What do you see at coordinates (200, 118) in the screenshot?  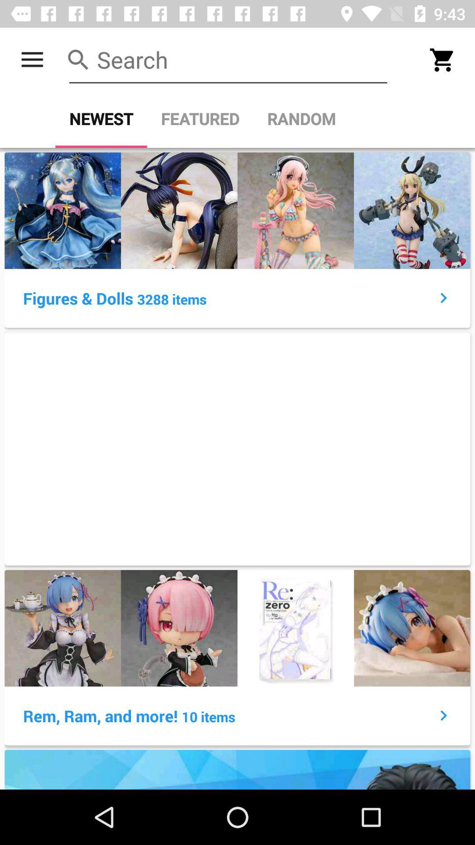 I see `the item to the right of newest` at bounding box center [200, 118].